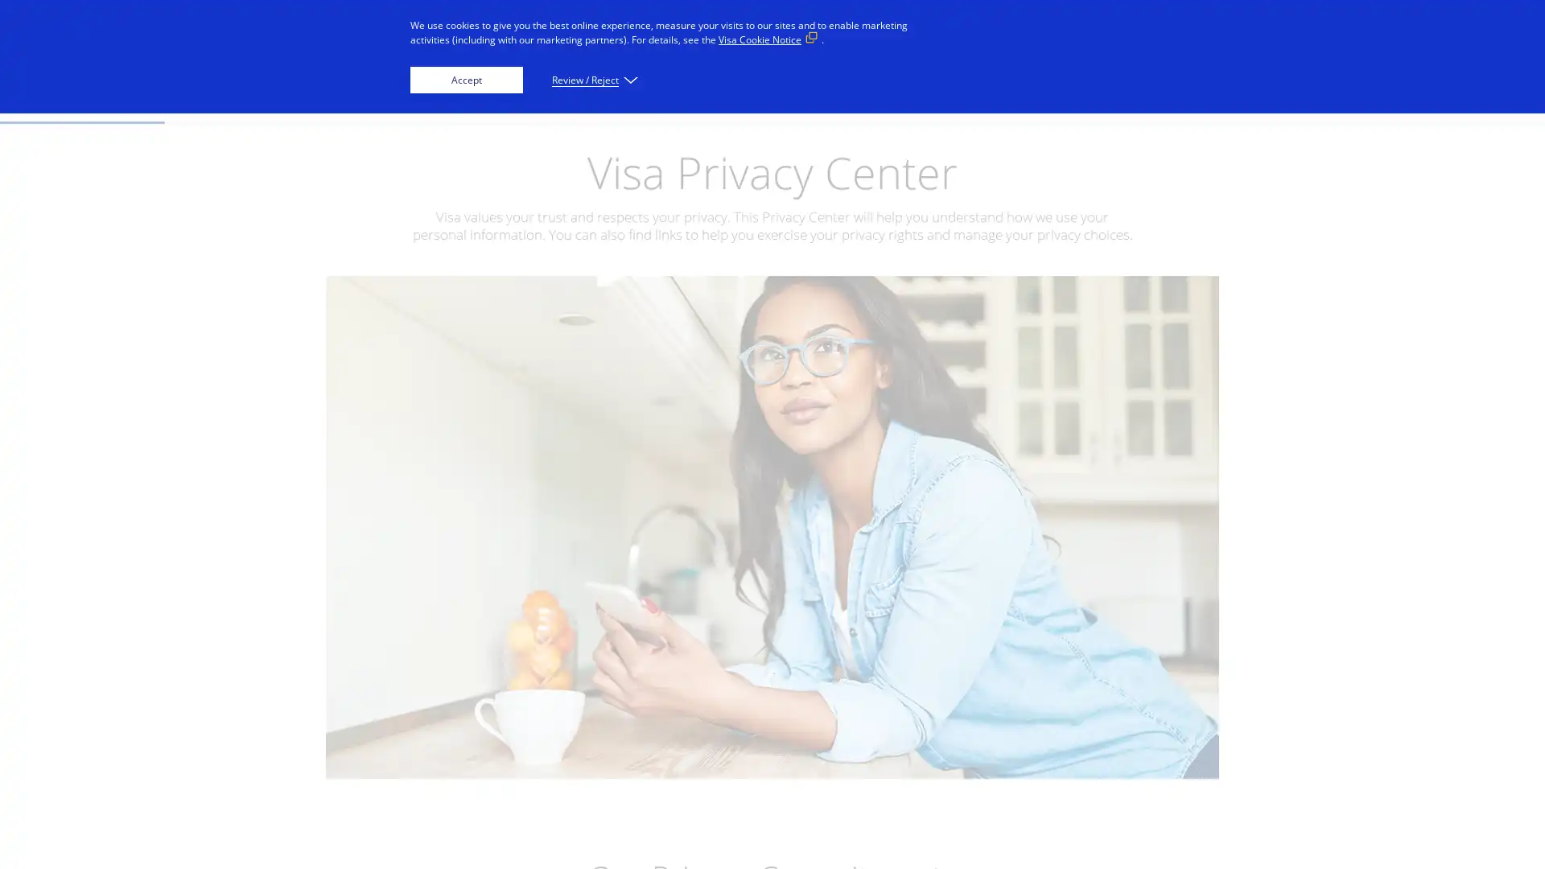 The height and width of the screenshot is (869, 1545). I want to click on Businesses, so click(757, 43).